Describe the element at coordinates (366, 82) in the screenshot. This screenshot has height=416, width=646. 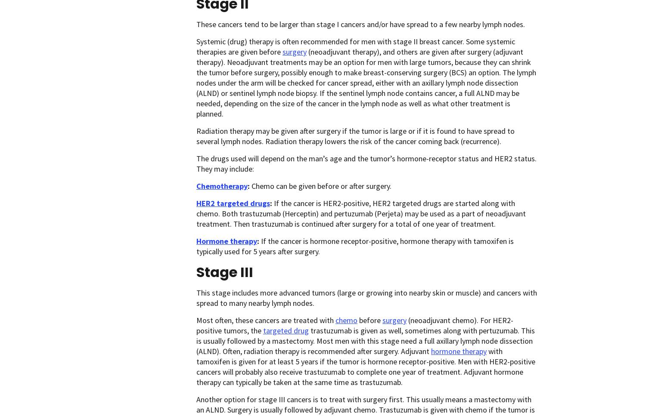
I see `'(neoadjuvant therapy), and others are given after surgery (adjuvant therapy). Neoadjuvant treatments may be an option for men with large tumors, because they can shrink the tumor before surgery, possibly enough to make breast-conserving surgery (BCS) an option. The lymph nodes under the arm will be checked for cancer spread, either with an axillary lymph node dissection (ALND) or sentinel lymph node biopsy. If the sentinel lymph node contains cancer, a full ALND may be needed, depending on the size of the cancer in the lymph node as well as what other treatment is planned.'` at that location.